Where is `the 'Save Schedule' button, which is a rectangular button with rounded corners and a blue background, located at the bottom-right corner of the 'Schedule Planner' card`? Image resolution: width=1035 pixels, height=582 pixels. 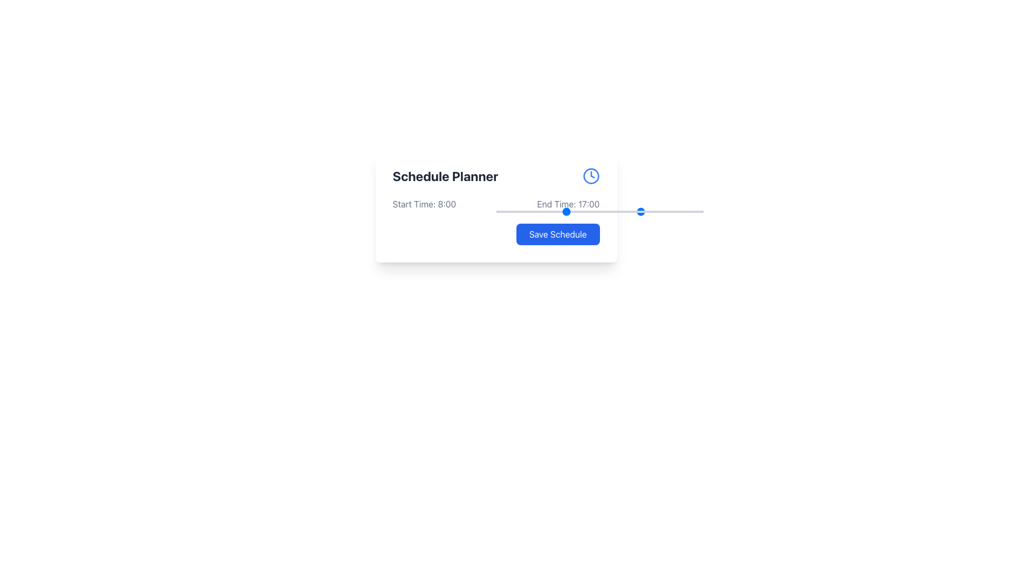
the 'Save Schedule' button, which is a rectangular button with rounded corners and a blue background, located at the bottom-right corner of the 'Schedule Planner' card is located at coordinates (495, 234).